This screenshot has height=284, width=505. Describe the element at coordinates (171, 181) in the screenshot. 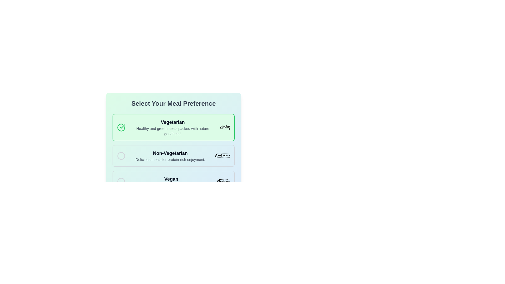

I see `text block displaying 'Vegan' and its supplementary text 'Plant-based meals for conscious eating.' located in the third option of the meal preference choices` at that location.